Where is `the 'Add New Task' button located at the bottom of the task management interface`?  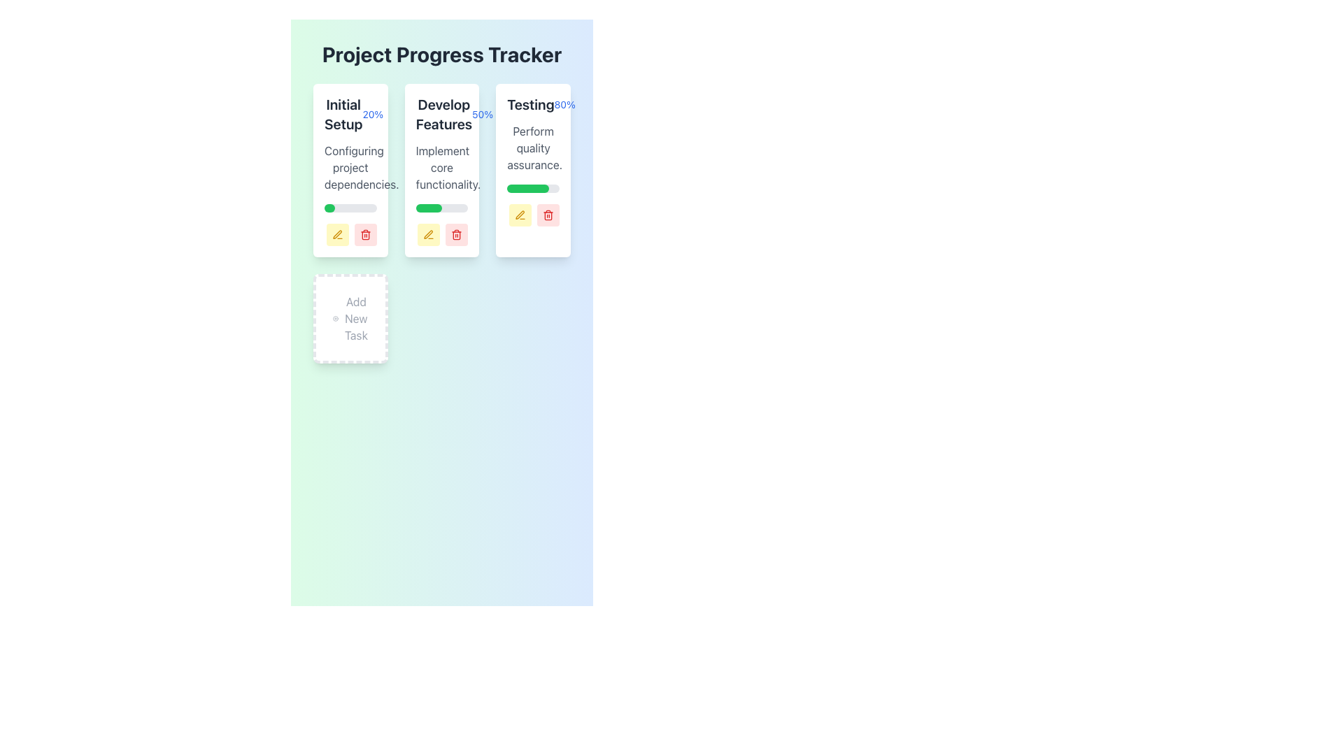
the 'Add New Task' button located at the bottom of the task management interface is located at coordinates (336, 318).